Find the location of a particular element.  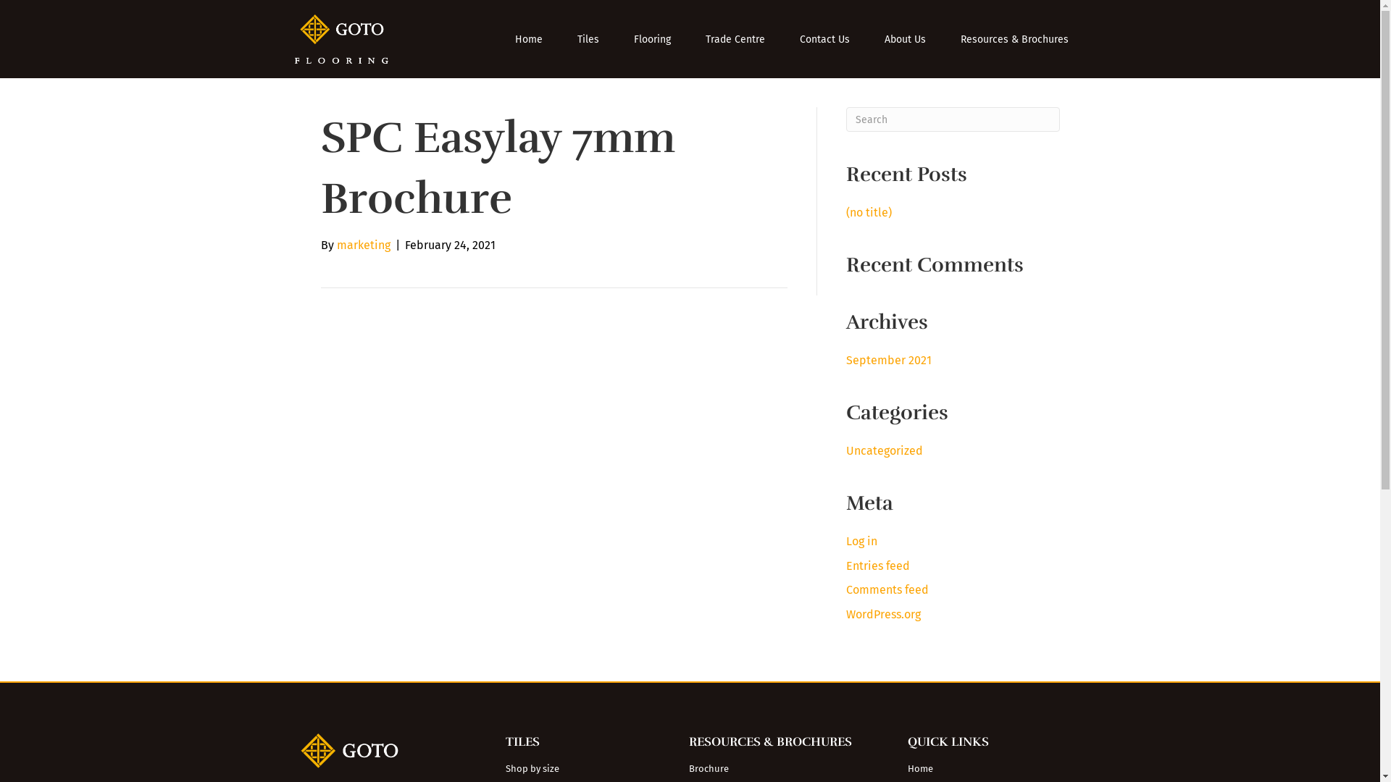

'Comments feed' is located at coordinates (886, 589).